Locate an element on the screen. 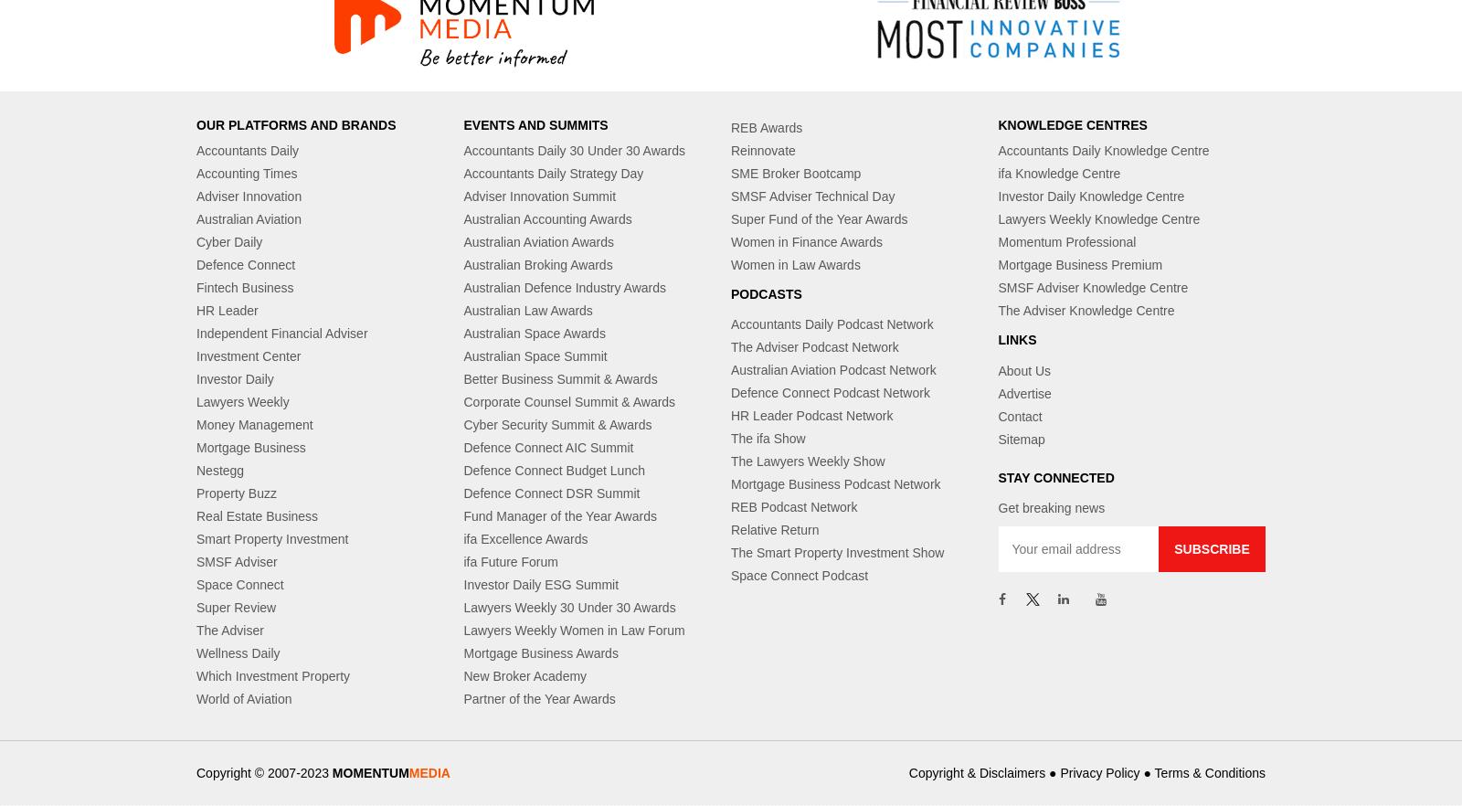 The image size is (1462, 806). 'Independent Financial Adviser' is located at coordinates (281, 332).